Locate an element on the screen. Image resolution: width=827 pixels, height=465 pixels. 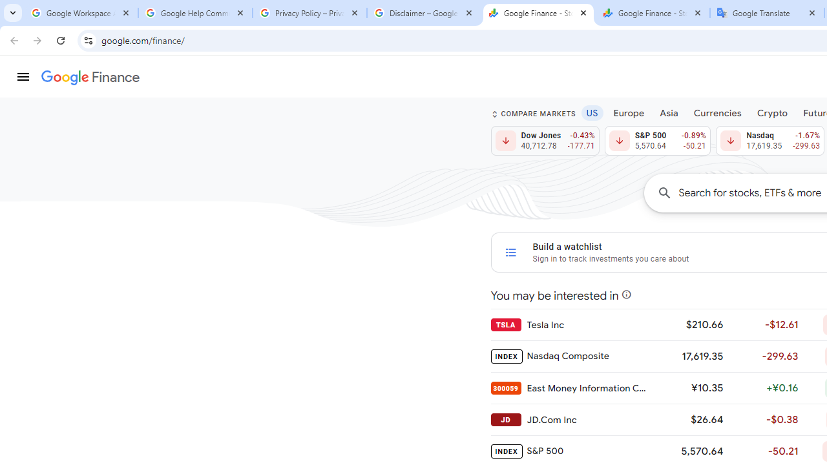
'Nasdaq 17,619.35 Down by 1.67% -299.63' is located at coordinates (770, 141).